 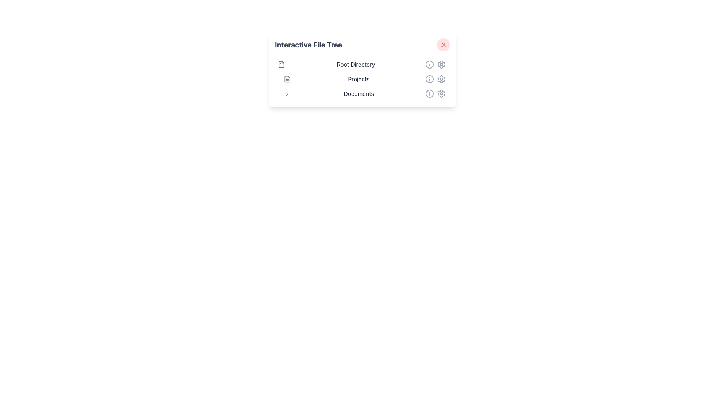 What do you see at coordinates (363, 64) in the screenshot?
I see `the 'Root Directory' item` at bounding box center [363, 64].